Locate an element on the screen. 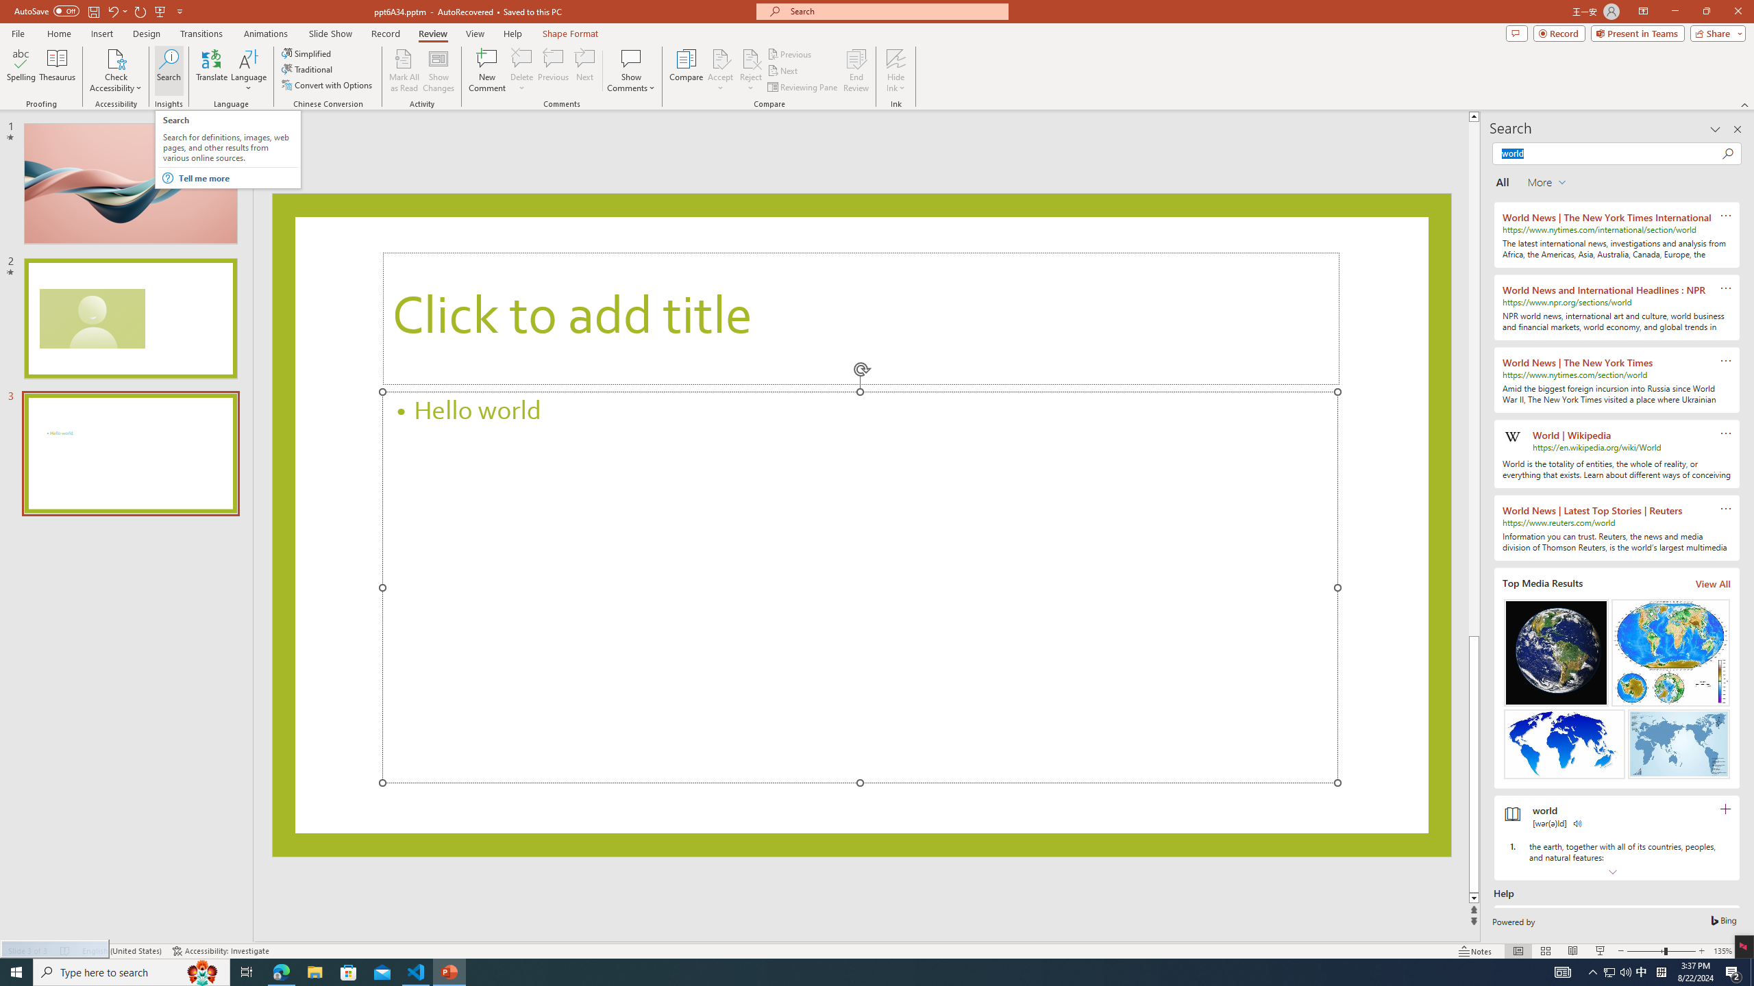 Image resolution: width=1754 pixels, height=986 pixels. 'Language' is located at coordinates (248, 71).